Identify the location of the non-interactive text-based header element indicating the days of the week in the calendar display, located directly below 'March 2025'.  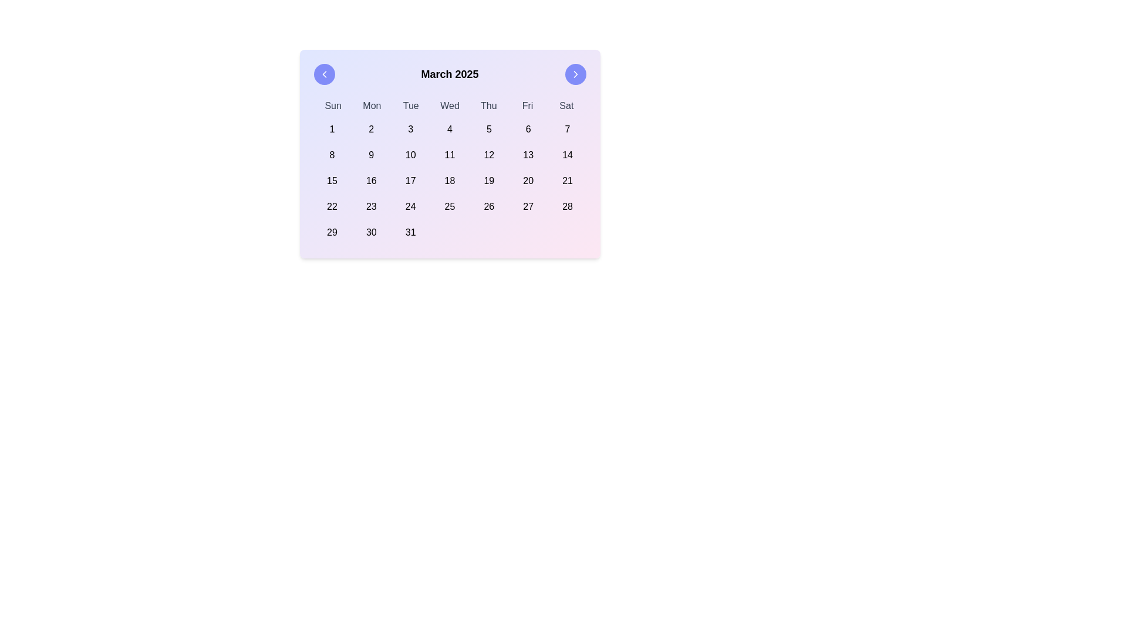
(449, 106).